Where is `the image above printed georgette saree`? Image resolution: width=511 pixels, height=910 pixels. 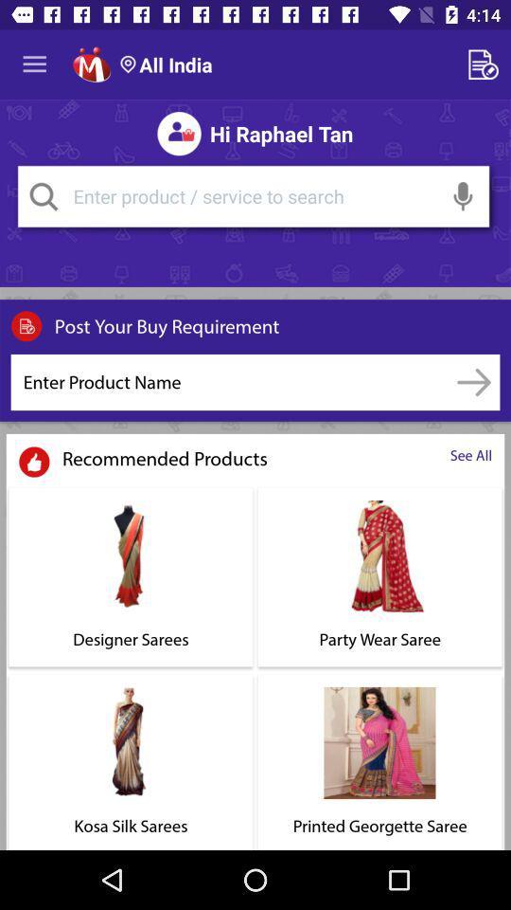
the image above printed georgette saree is located at coordinates (379, 743).